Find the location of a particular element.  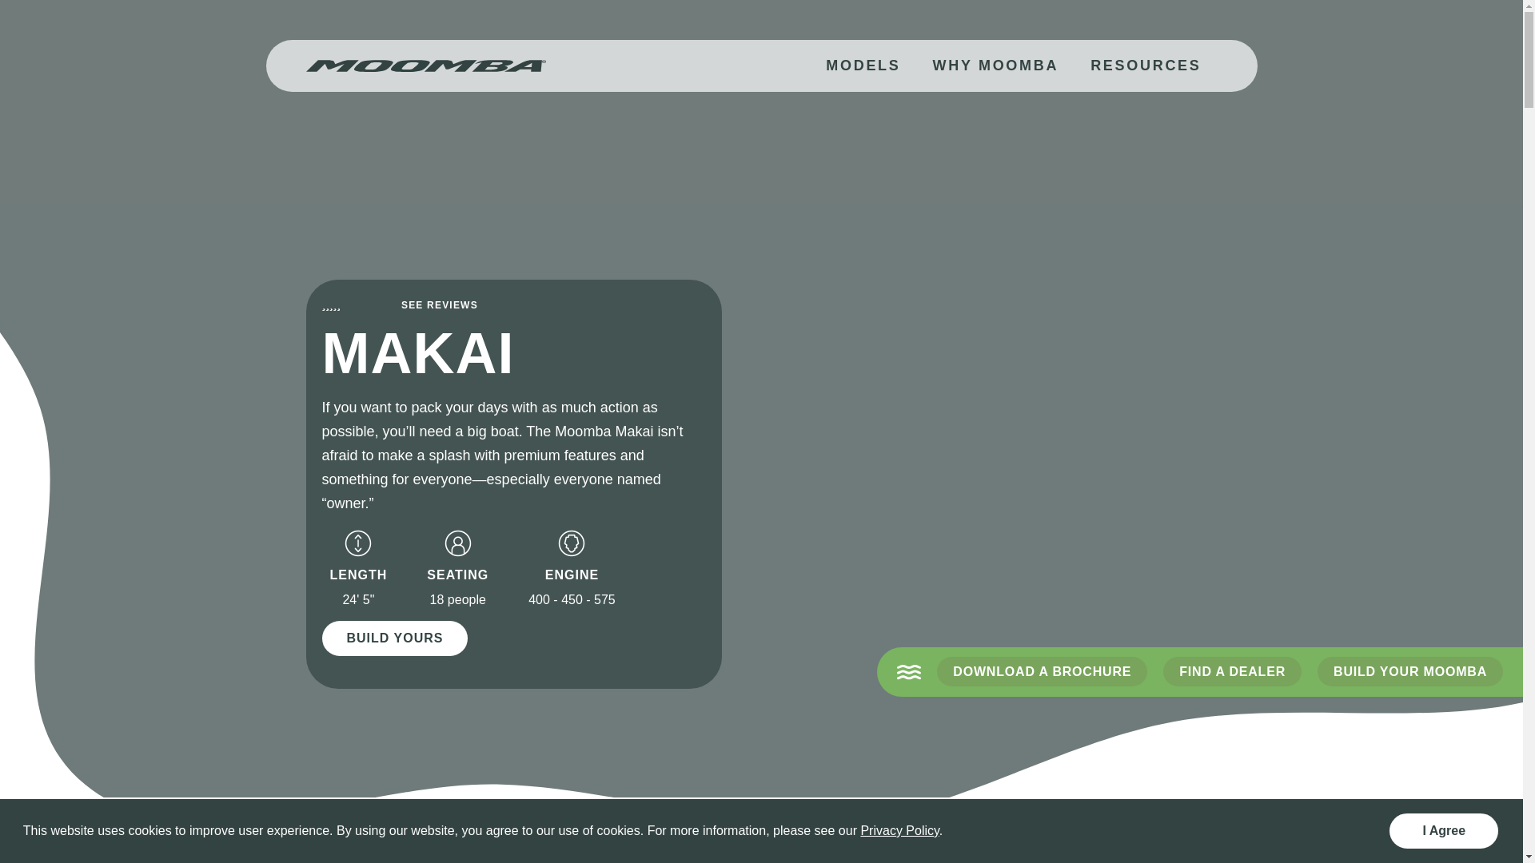

'I Agree' is located at coordinates (1387, 830).